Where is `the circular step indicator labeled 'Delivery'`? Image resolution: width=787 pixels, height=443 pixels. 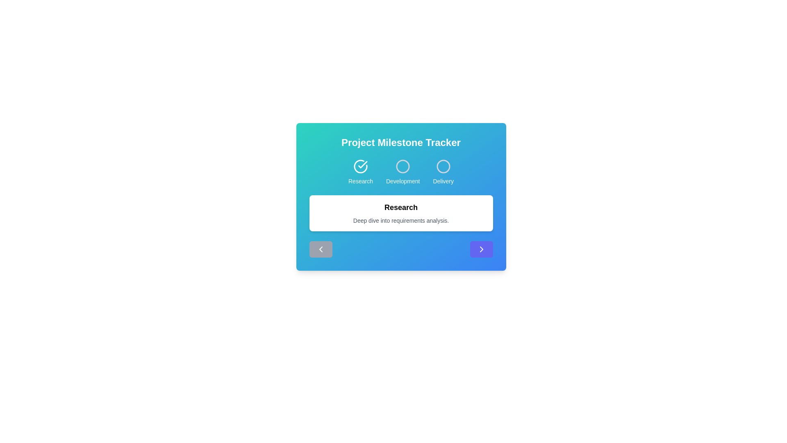 the circular step indicator labeled 'Delivery' is located at coordinates (443, 172).